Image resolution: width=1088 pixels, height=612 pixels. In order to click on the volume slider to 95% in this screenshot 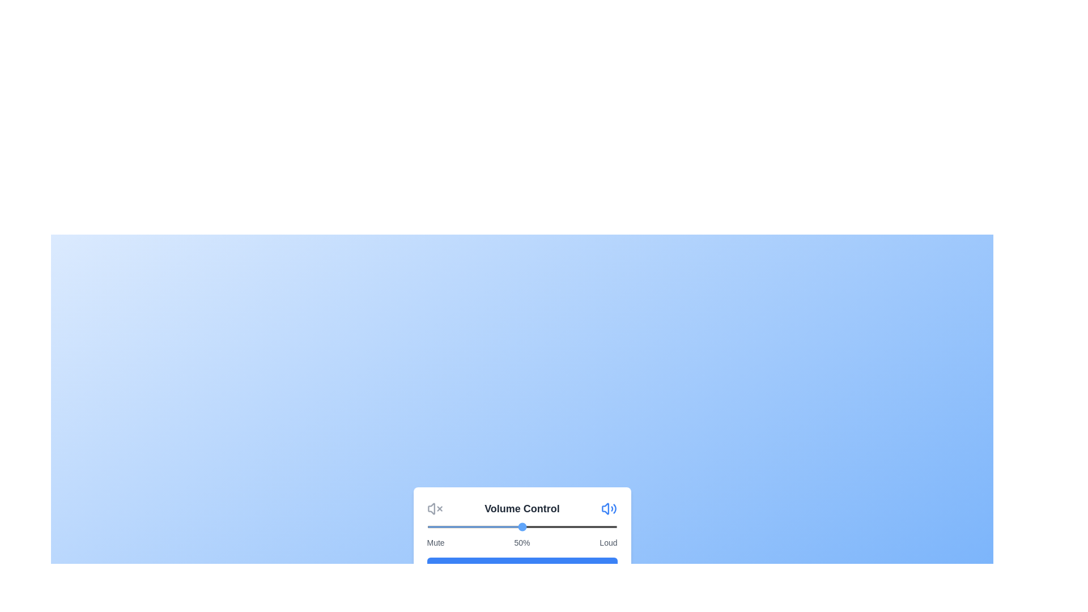, I will do `click(607, 526)`.